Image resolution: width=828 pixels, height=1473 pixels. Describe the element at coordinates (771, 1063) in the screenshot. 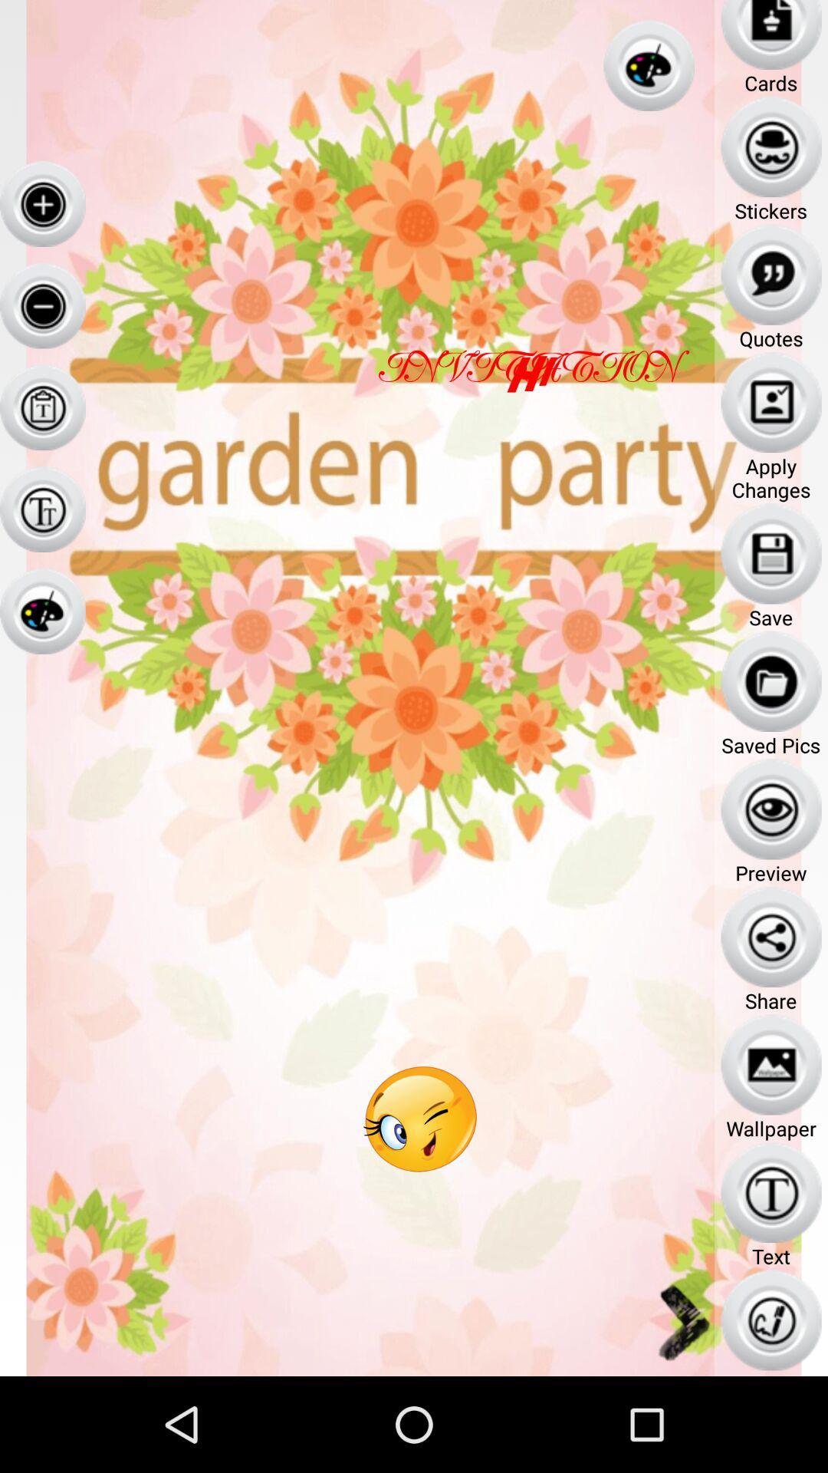

I see `the icon which above the text wallpaper` at that location.